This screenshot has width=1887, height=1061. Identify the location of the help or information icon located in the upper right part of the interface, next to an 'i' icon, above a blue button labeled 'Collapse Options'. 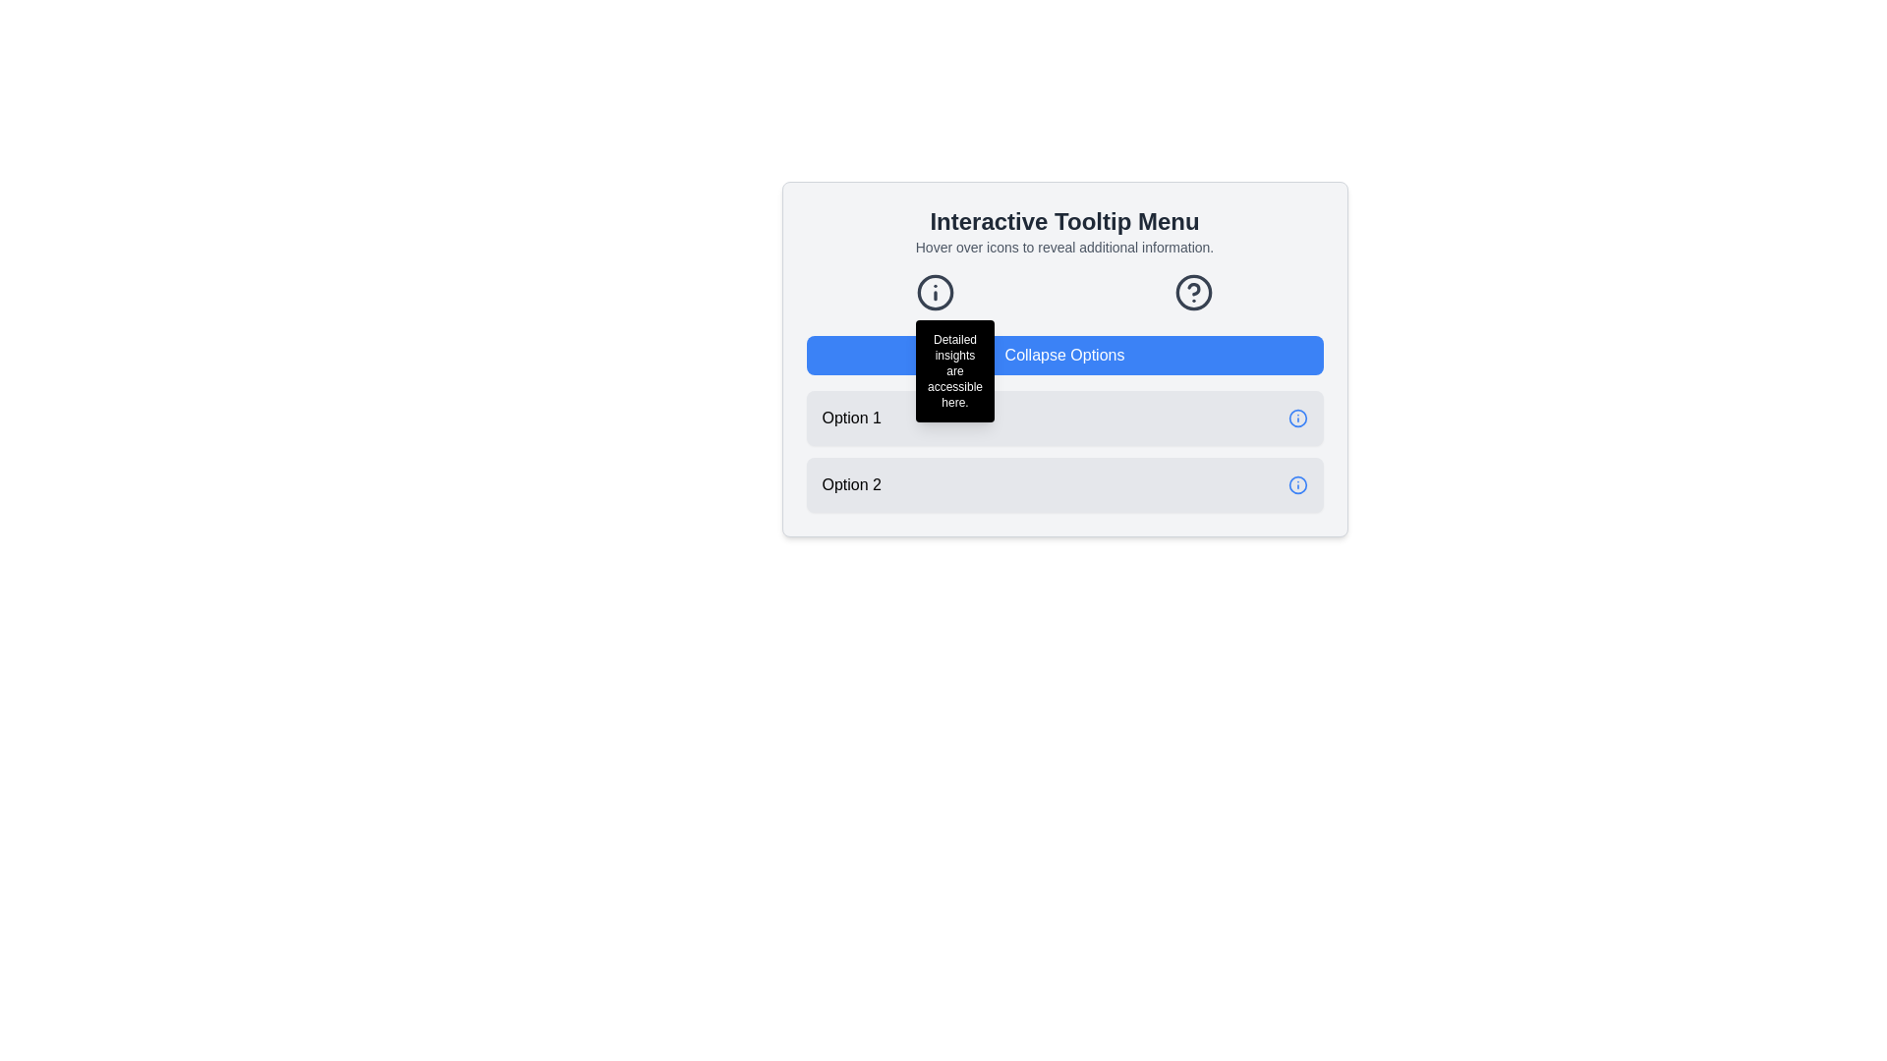
(1192, 292).